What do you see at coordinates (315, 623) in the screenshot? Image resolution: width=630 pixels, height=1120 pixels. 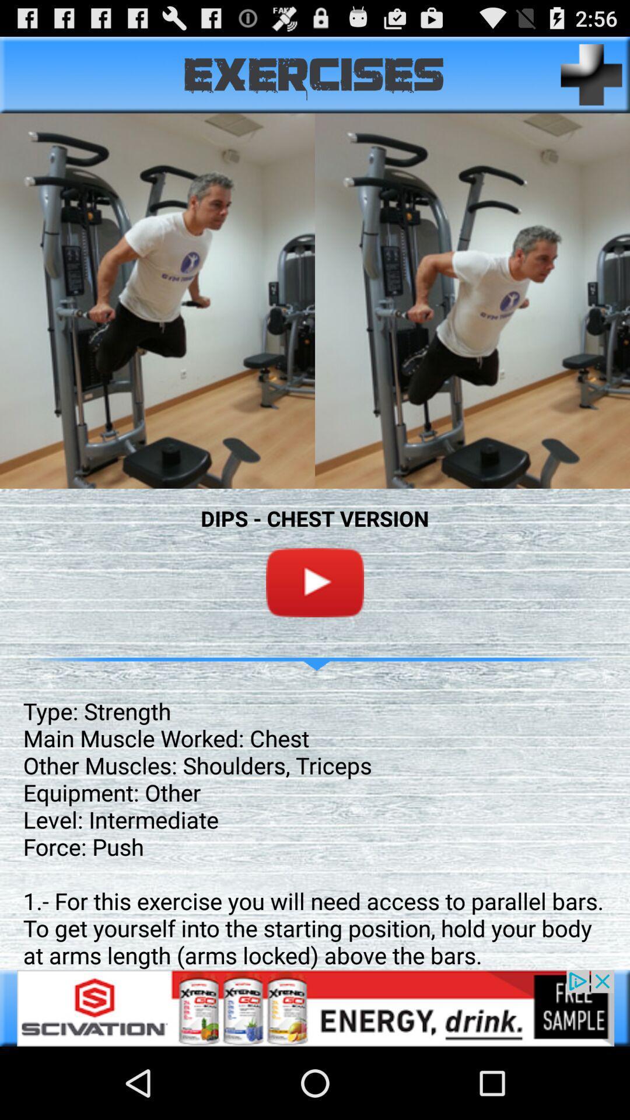 I see `the play icon` at bounding box center [315, 623].